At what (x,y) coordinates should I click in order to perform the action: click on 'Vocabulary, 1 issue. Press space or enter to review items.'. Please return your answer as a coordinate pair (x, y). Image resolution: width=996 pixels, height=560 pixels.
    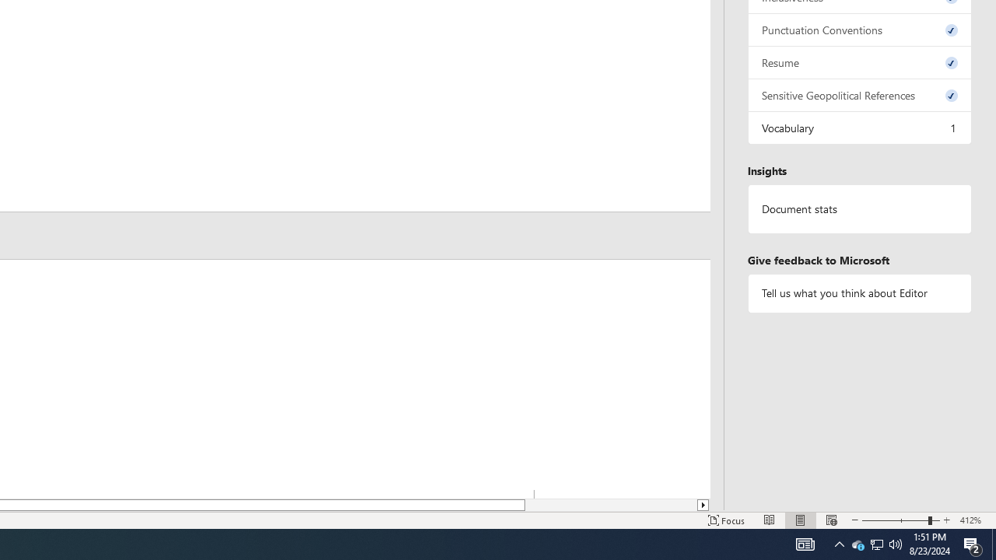
    Looking at the image, I should click on (859, 127).